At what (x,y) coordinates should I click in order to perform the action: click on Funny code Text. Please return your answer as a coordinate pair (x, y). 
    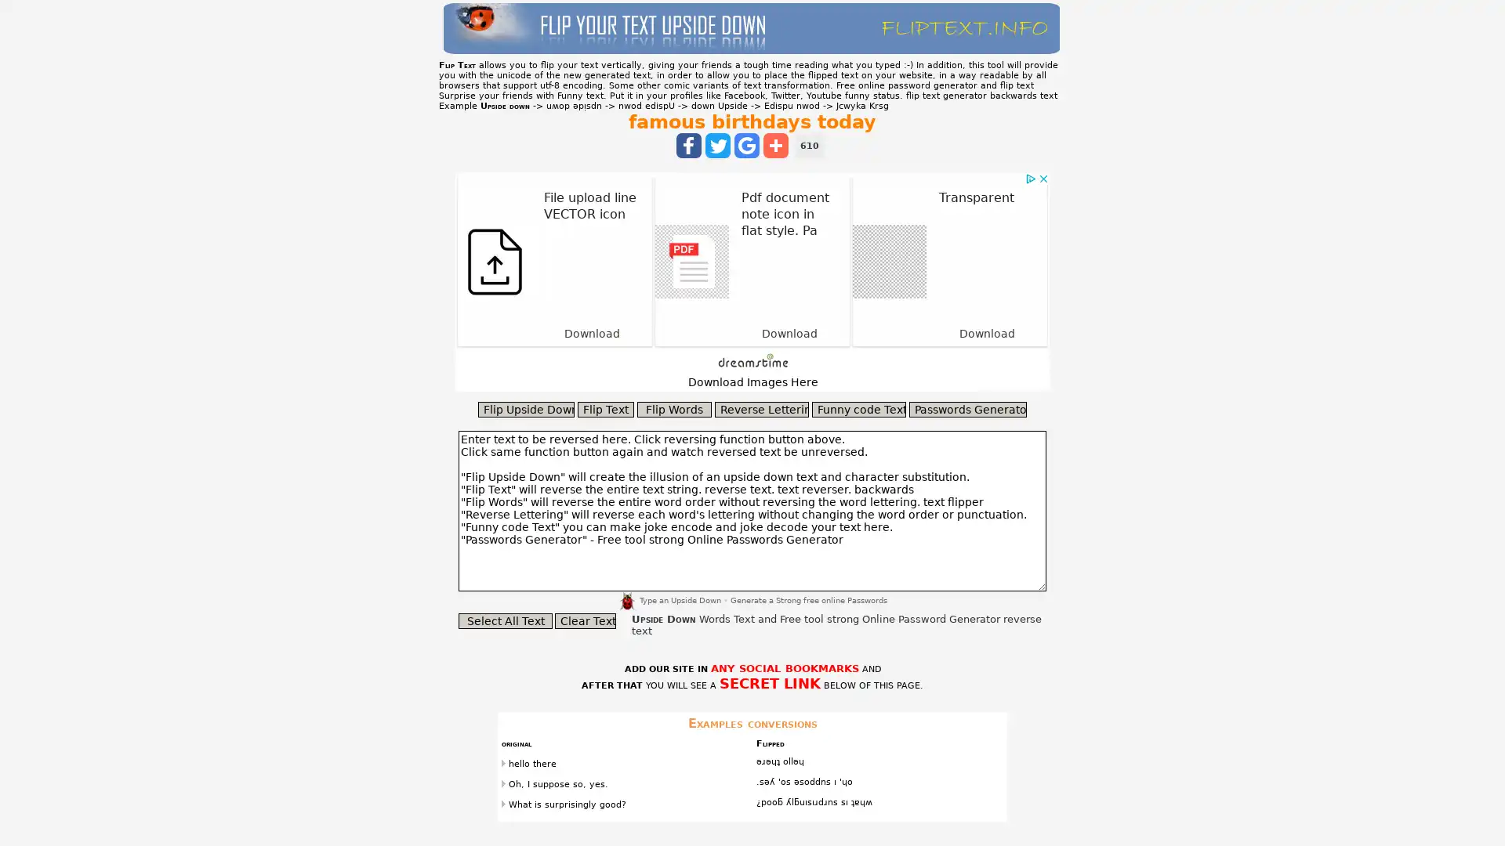
    Looking at the image, I should click on (858, 409).